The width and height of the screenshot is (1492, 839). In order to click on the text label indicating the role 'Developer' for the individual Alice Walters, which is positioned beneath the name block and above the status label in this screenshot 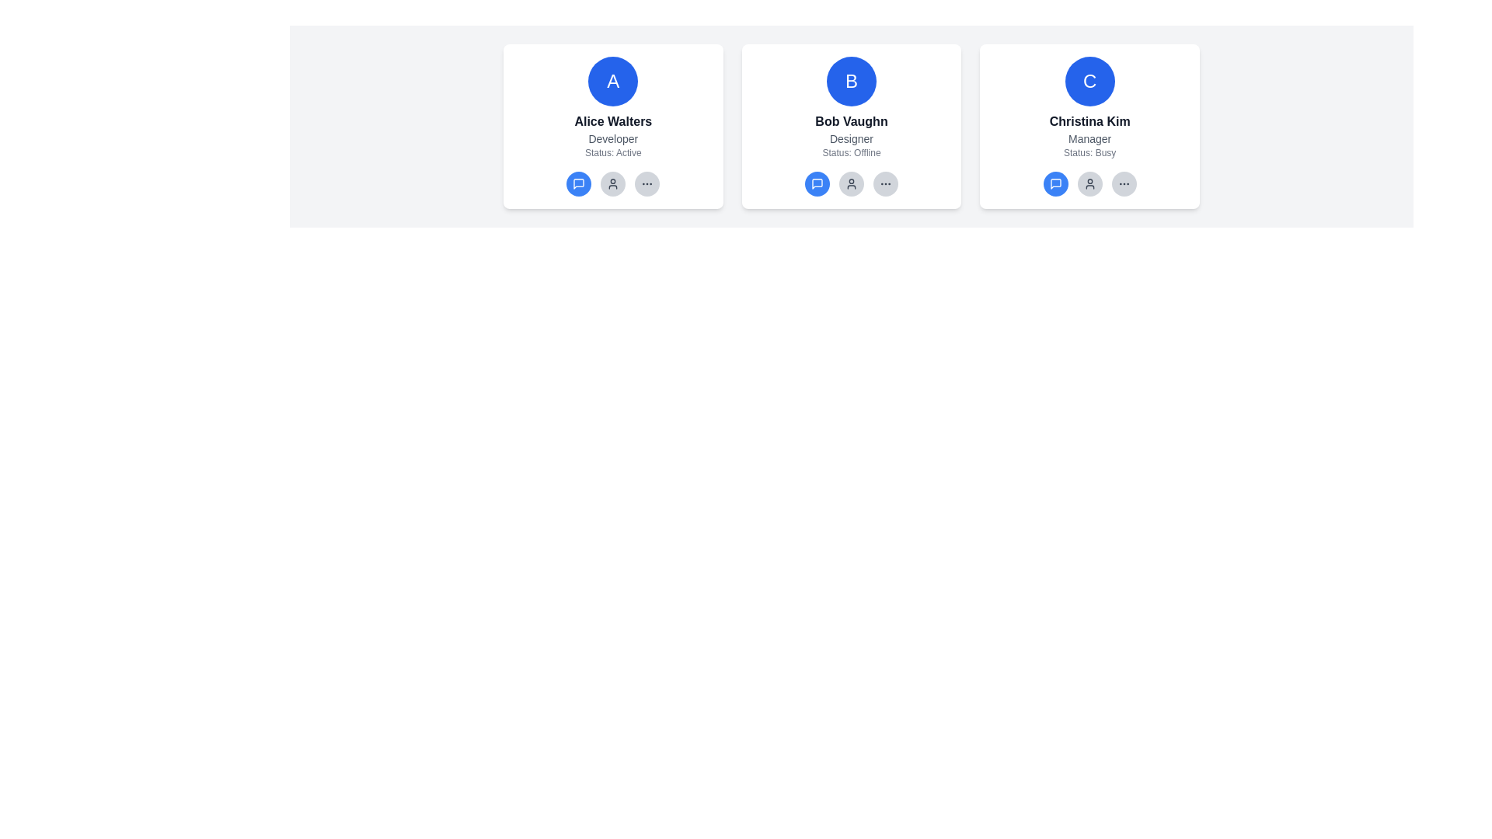, I will do `click(612, 138)`.